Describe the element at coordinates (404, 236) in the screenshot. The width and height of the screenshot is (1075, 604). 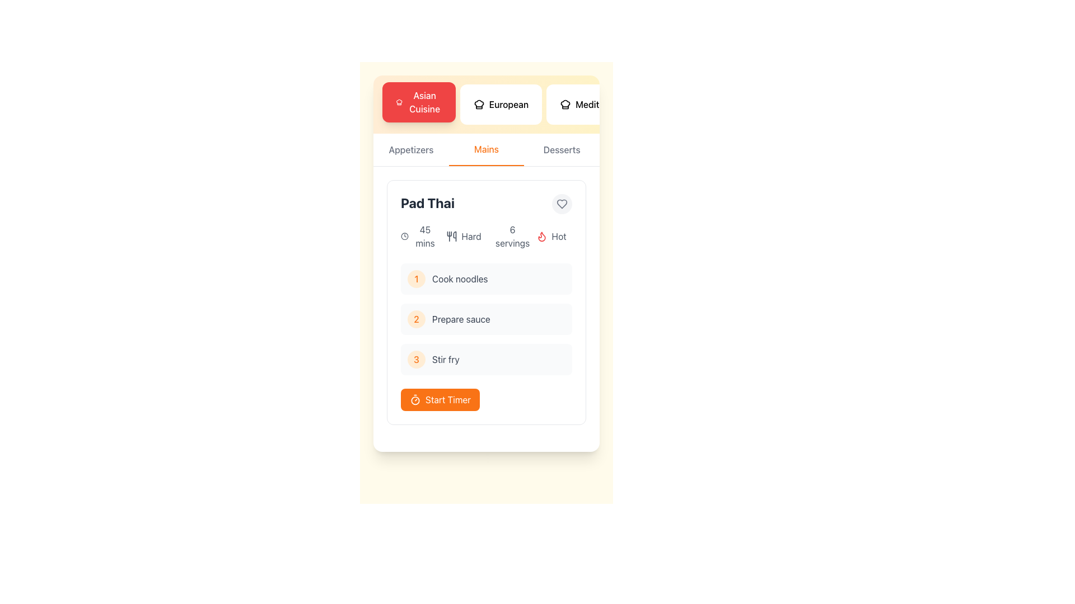
I see `the circular vector shape within the SVG graphic that represents a clock icon, located in the top-left section of the content card providing meta information about the recipe` at that location.